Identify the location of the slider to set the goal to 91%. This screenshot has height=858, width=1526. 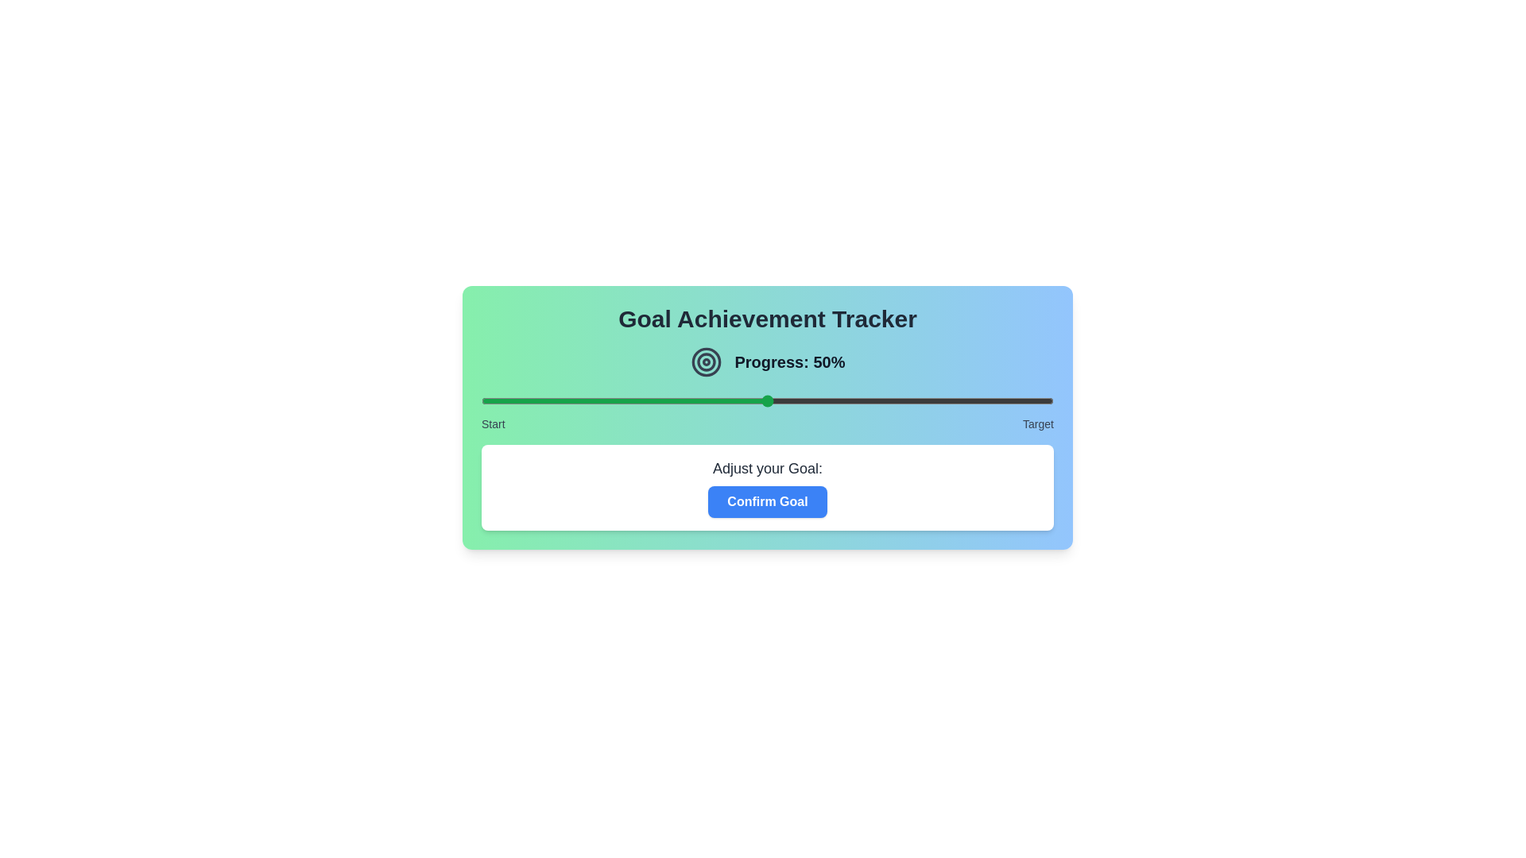
(1001, 400).